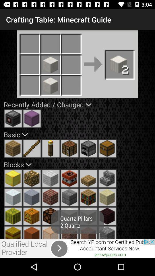 Image resolution: width=155 pixels, height=276 pixels. What do you see at coordinates (69, 216) in the screenshot?
I see `the quartz` at bounding box center [69, 216].